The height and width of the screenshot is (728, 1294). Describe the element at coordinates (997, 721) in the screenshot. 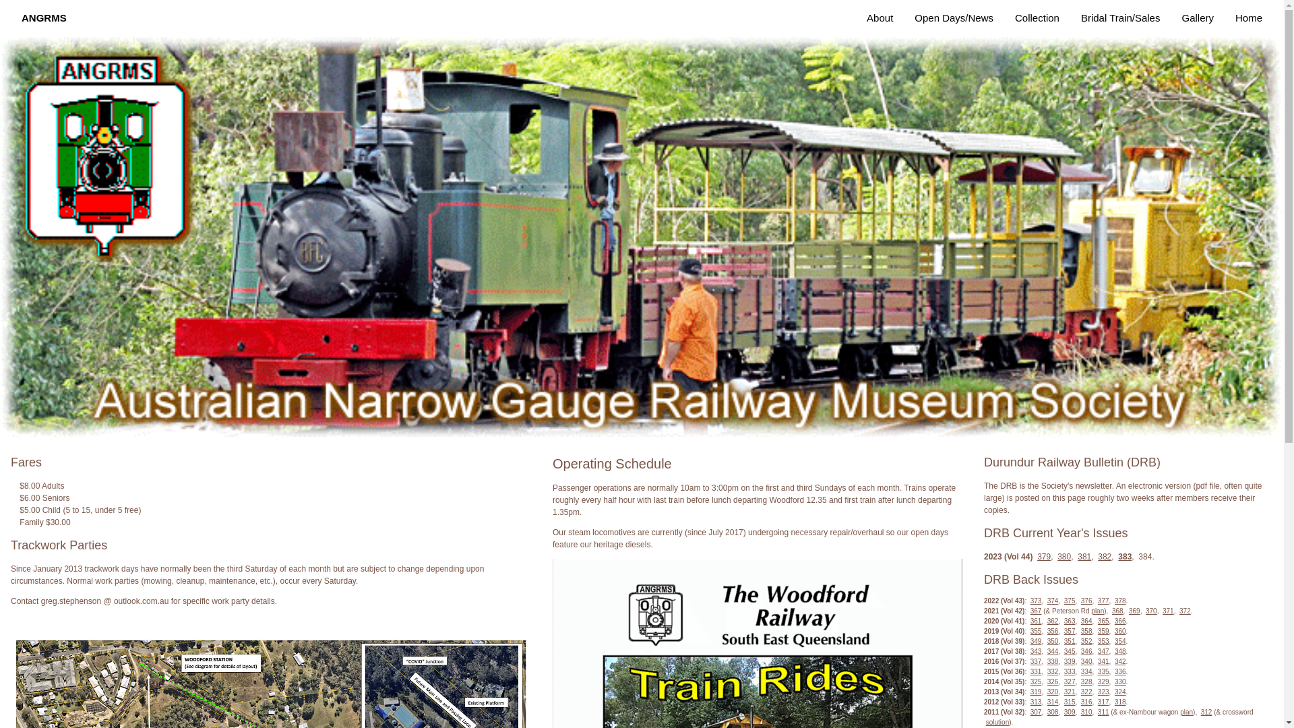

I see `'solution'` at that location.